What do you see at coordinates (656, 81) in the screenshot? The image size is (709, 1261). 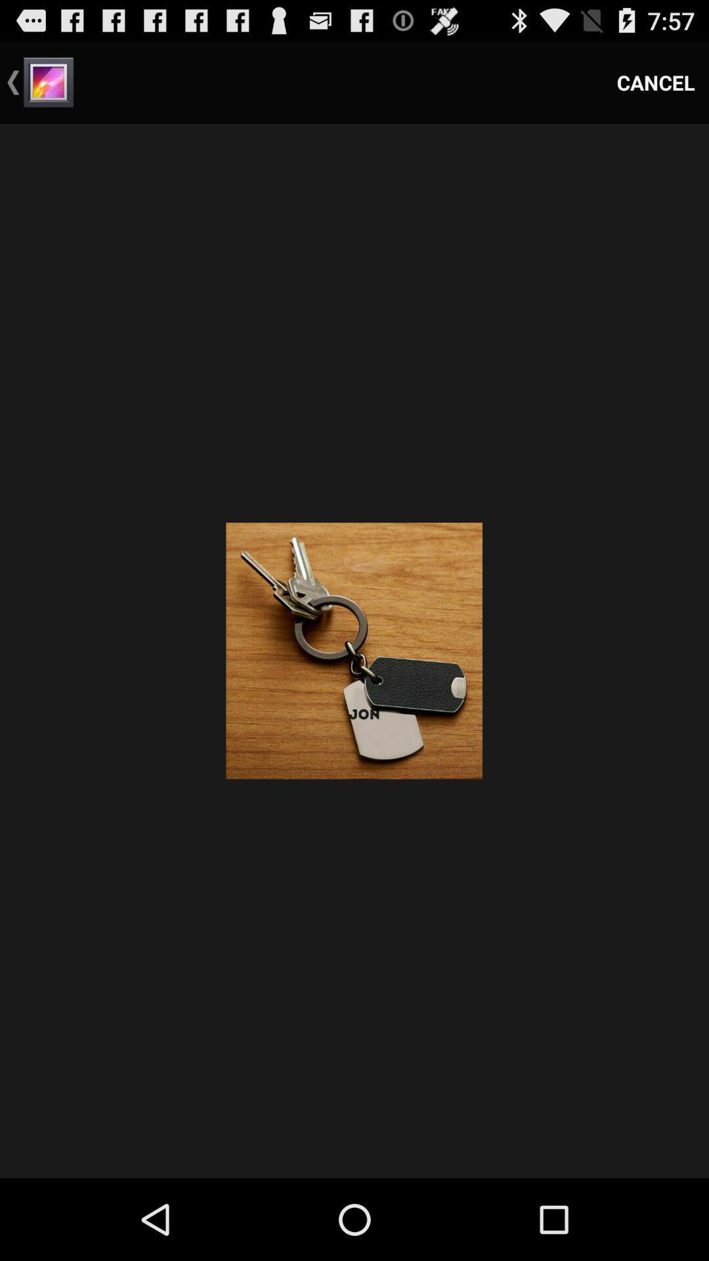 I see `the item at the top right corner` at bounding box center [656, 81].